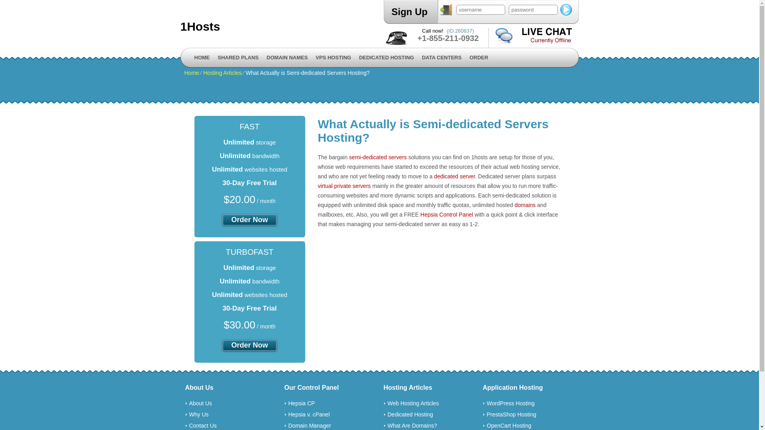 The width and height of the screenshot is (765, 430). I want to click on 'What Are Domains?', so click(412, 425).